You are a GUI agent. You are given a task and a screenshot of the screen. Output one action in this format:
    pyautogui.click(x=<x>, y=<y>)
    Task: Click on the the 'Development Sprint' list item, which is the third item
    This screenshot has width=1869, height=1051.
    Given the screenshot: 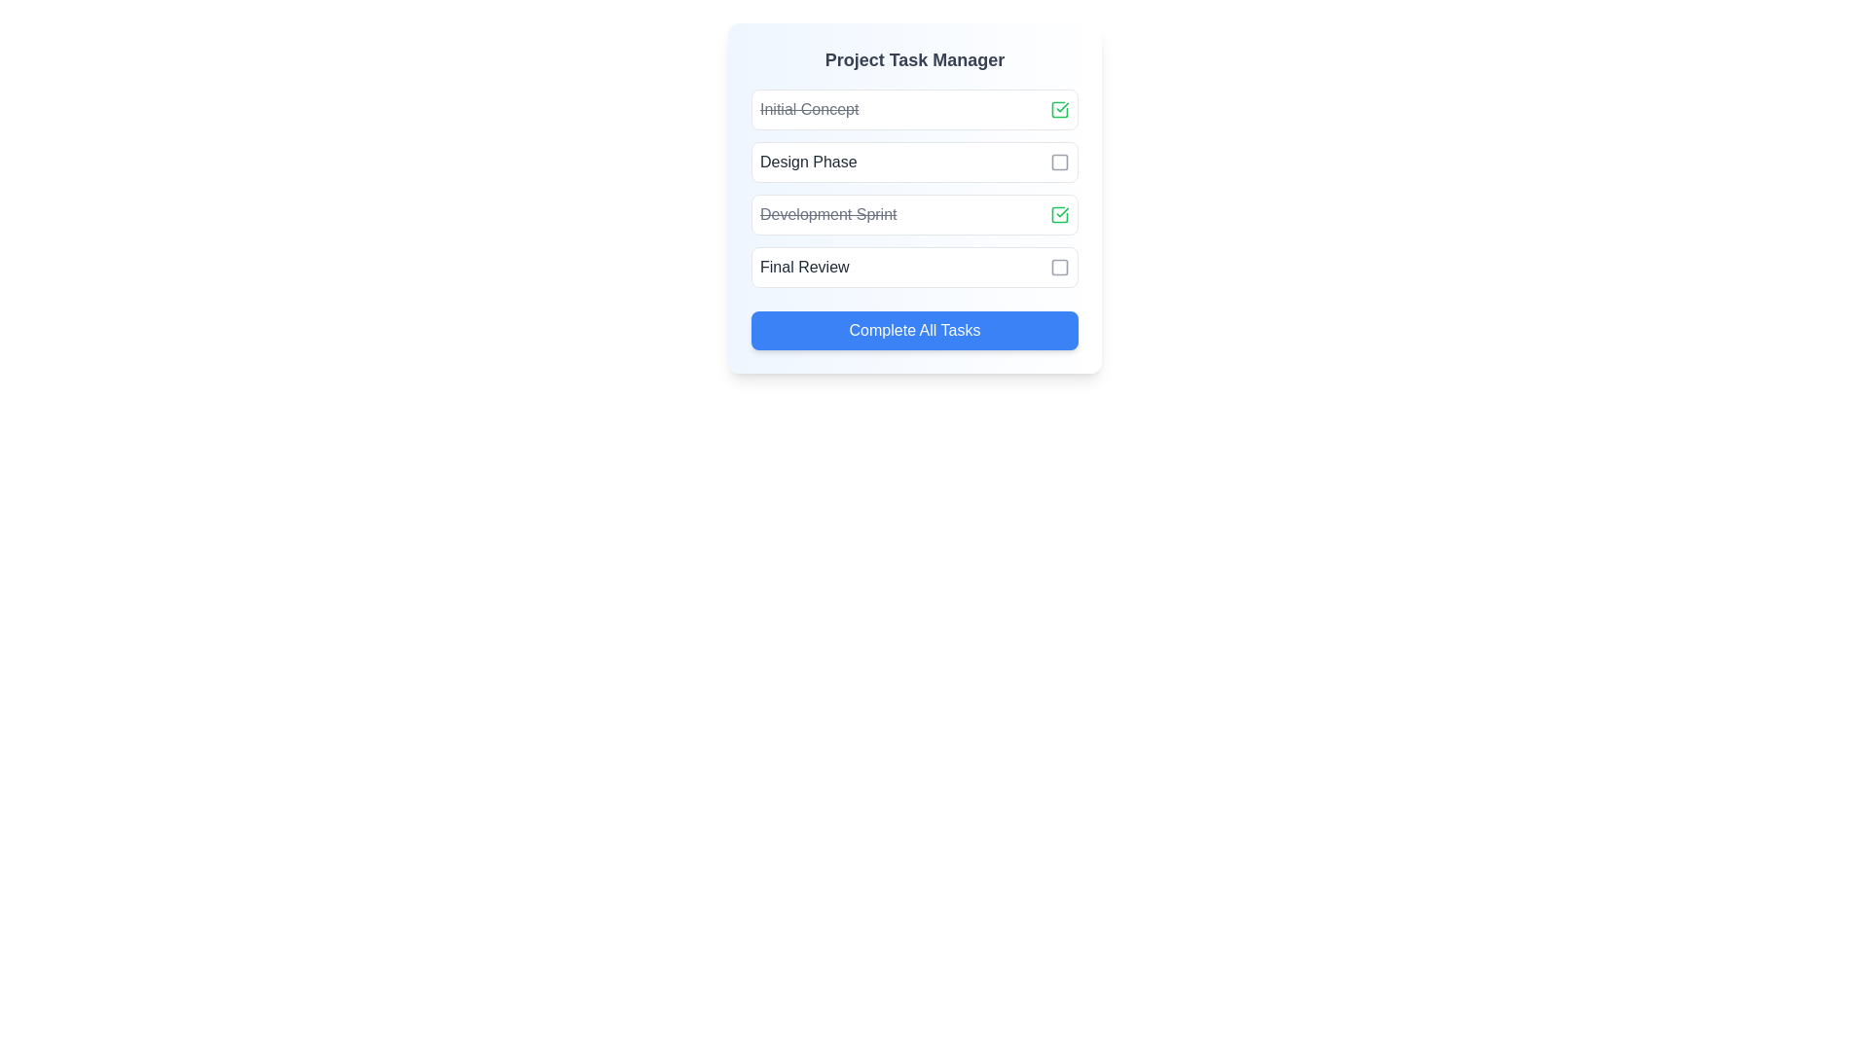 What is the action you would take?
    pyautogui.click(x=914, y=214)
    